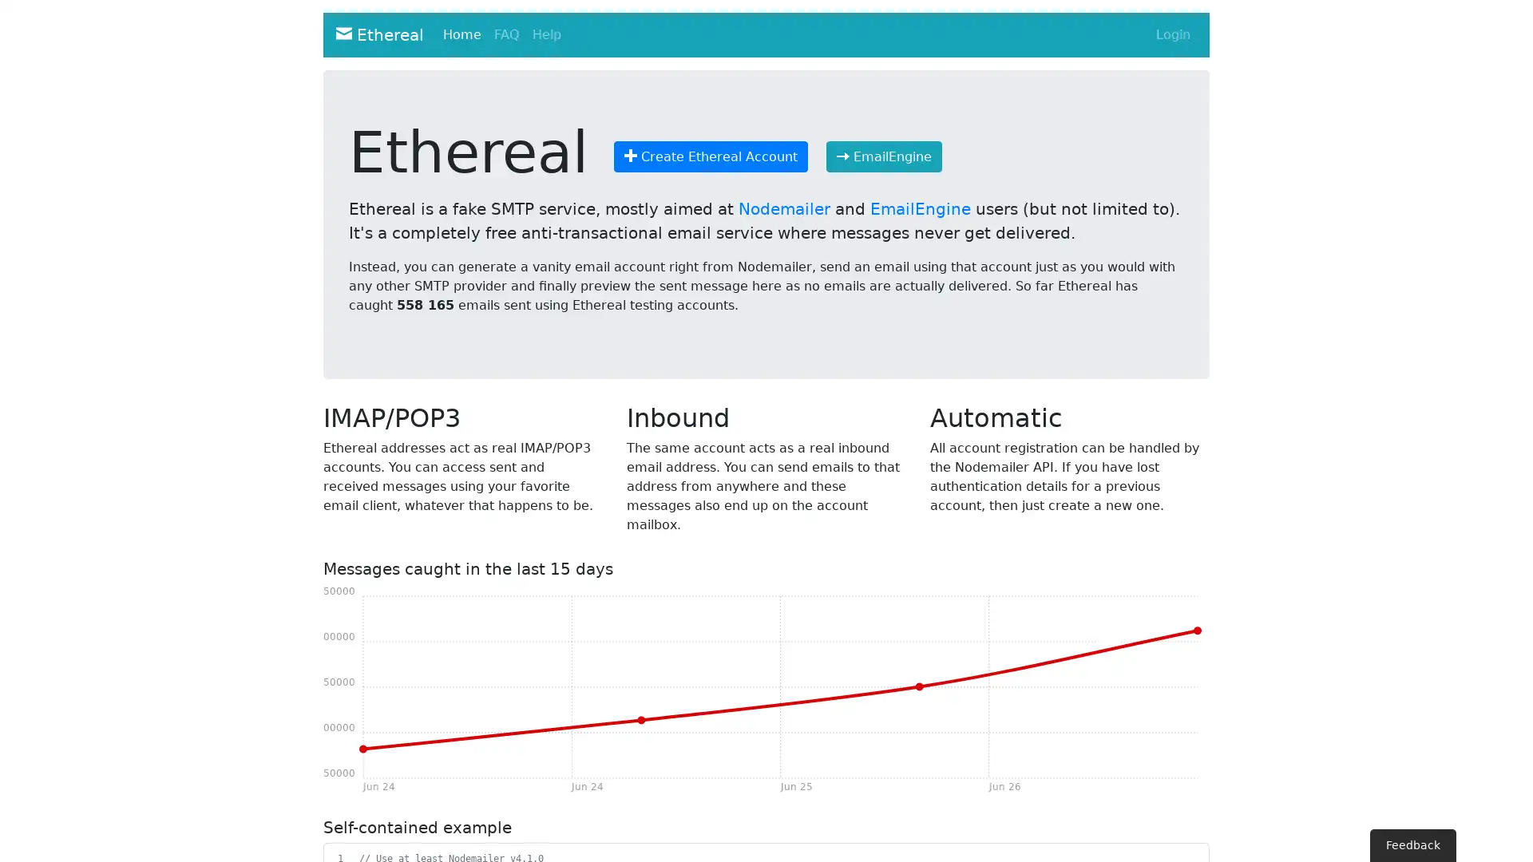 The height and width of the screenshot is (862, 1533). Describe the element at coordinates (710, 156) in the screenshot. I see `Create Ethereal Account` at that location.